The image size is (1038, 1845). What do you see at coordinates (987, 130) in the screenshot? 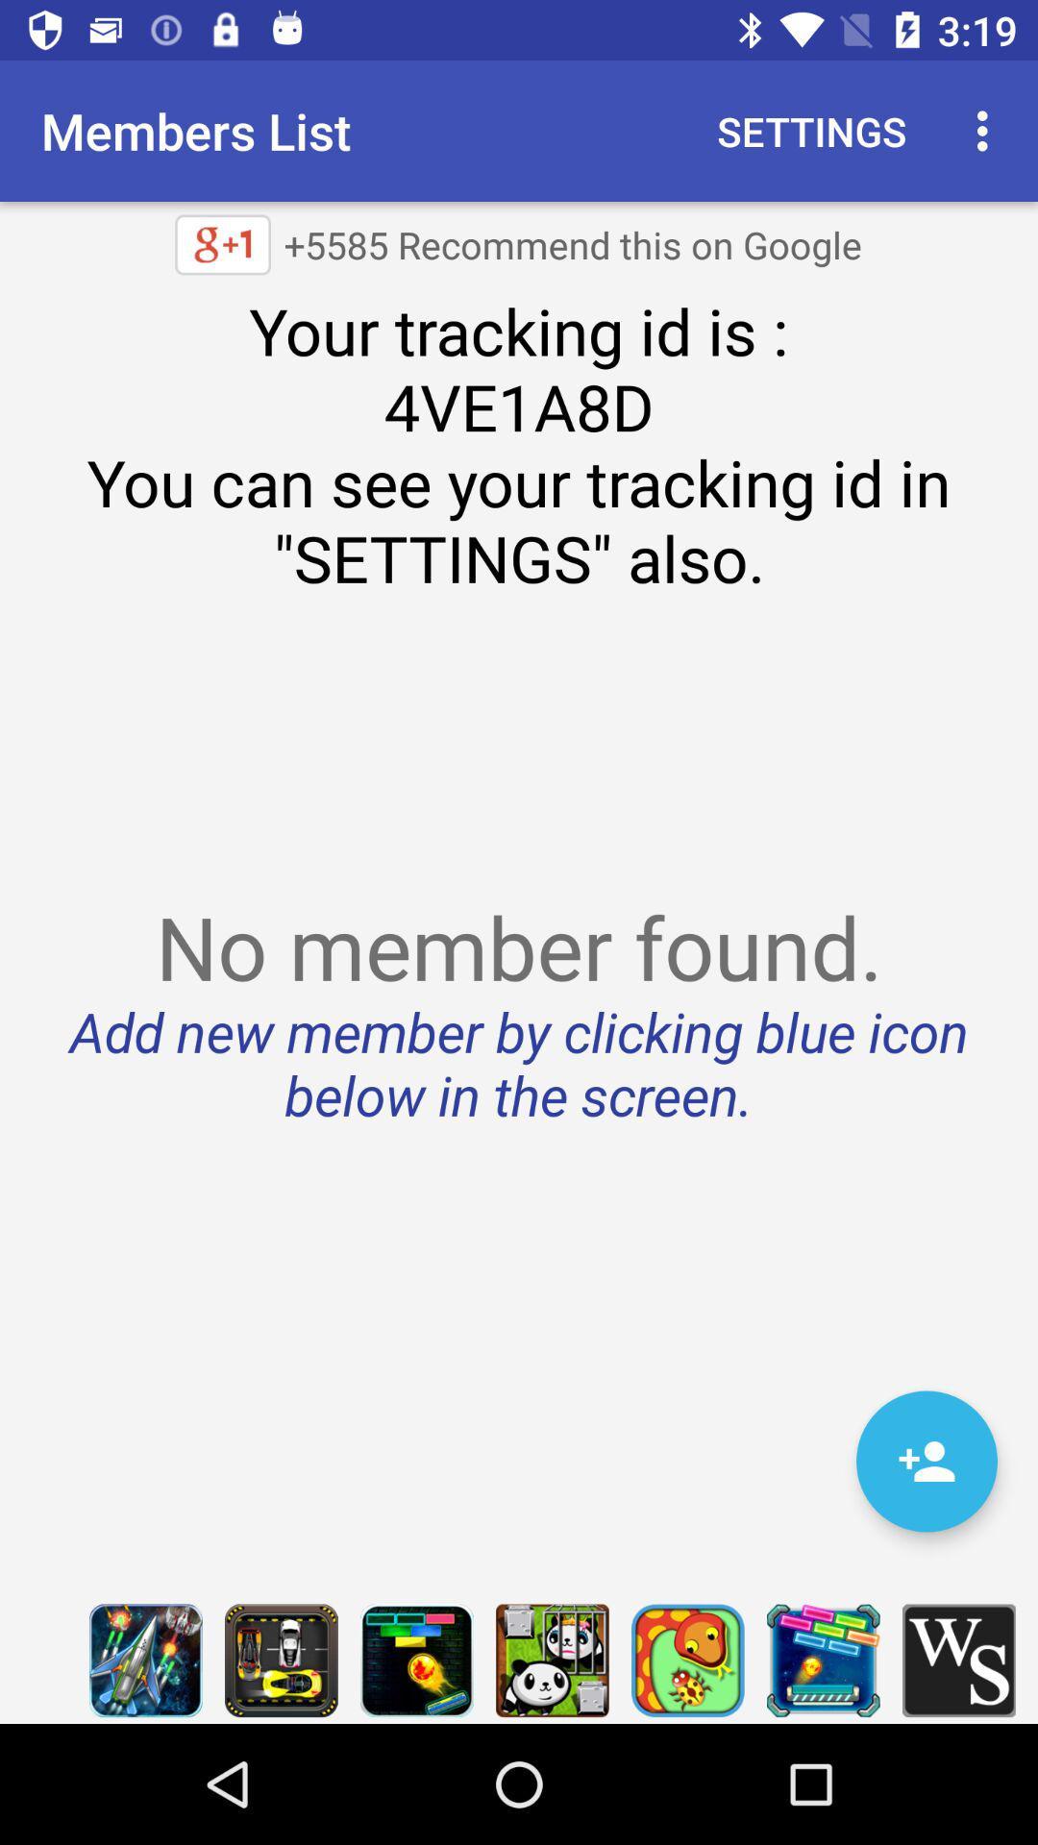
I see `item above your tracking id` at bounding box center [987, 130].